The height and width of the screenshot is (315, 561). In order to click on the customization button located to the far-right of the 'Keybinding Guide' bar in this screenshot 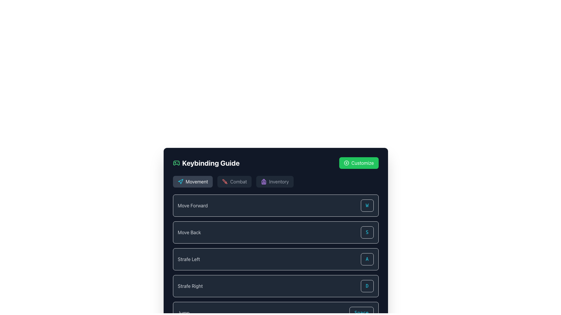, I will do `click(359, 163)`.